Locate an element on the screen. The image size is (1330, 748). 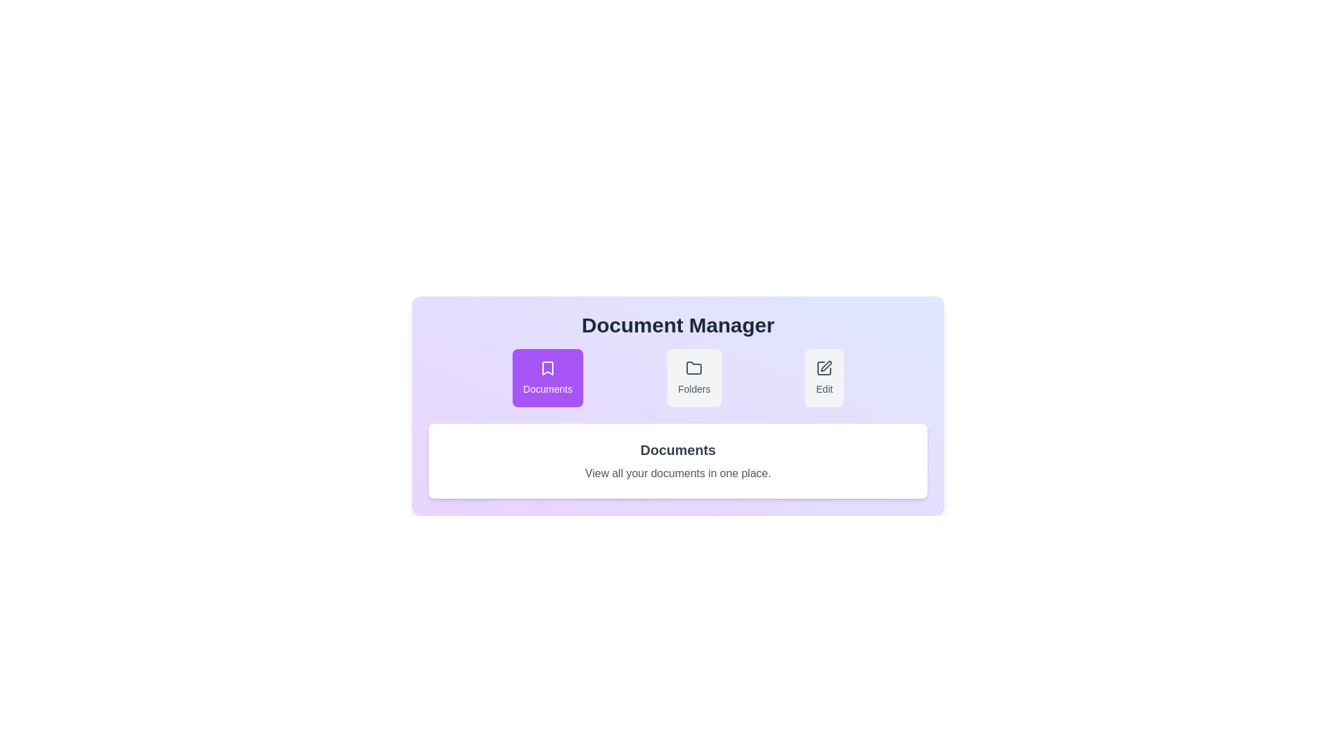
the folder icon located in the middle tile of the 'Document Manager' section, which features a minimalist outline design is located at coordinates (694, 368).